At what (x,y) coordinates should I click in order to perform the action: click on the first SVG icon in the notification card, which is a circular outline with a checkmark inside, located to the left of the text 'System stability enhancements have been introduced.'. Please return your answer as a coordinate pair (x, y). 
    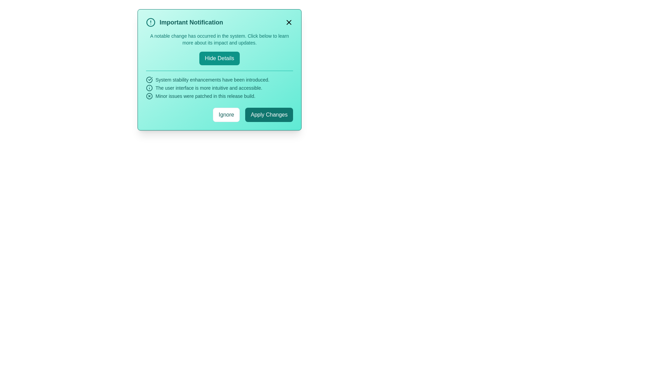
    Looking at the image, I should click on (149, 80).